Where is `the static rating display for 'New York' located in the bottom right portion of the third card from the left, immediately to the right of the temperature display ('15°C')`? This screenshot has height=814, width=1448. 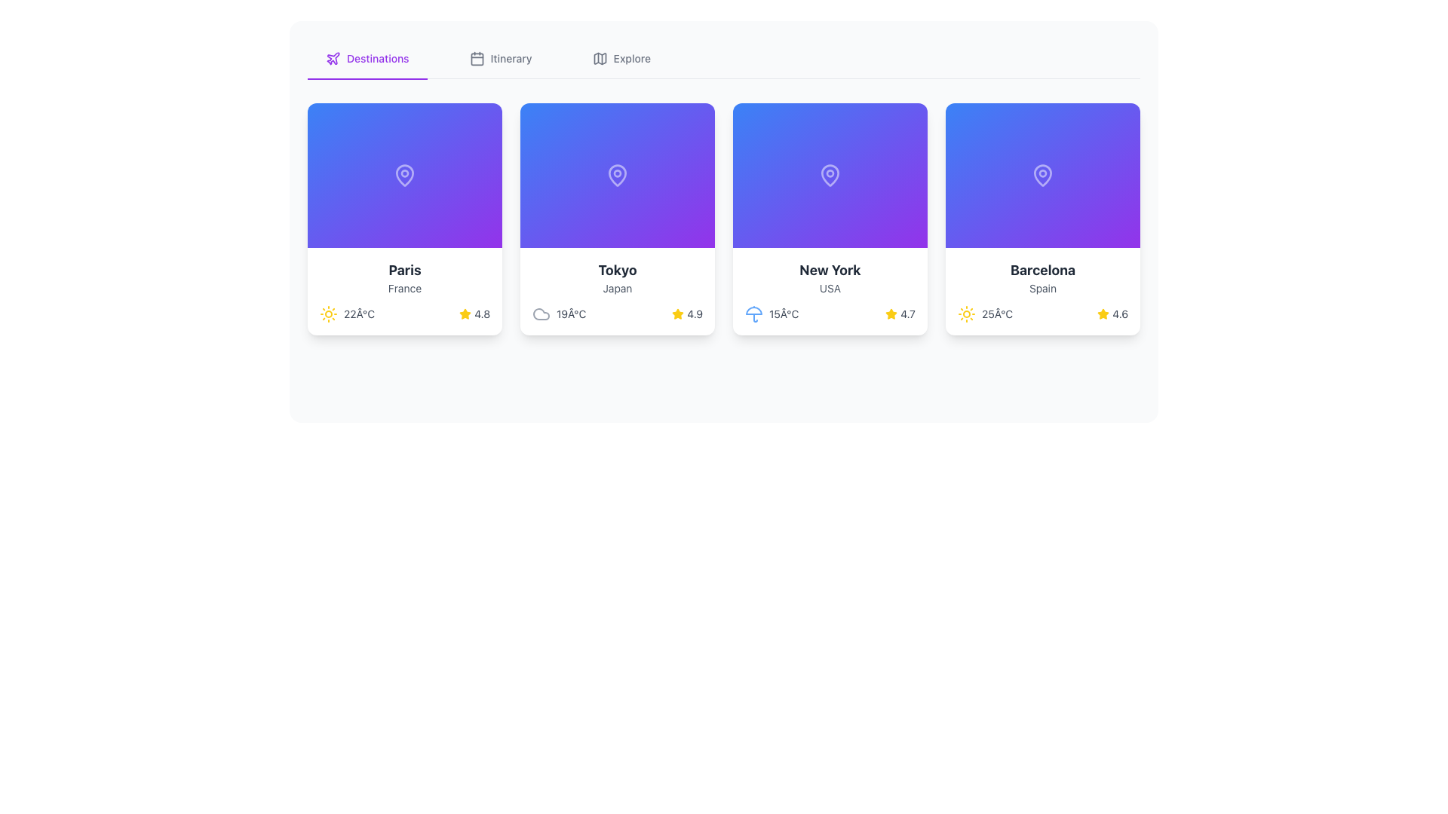
the static rating display for 'New York' located in the bottom right portion of the third card from the left, immediately to the right of the temperature display ('15°C') is located at coordinates (900, 313).